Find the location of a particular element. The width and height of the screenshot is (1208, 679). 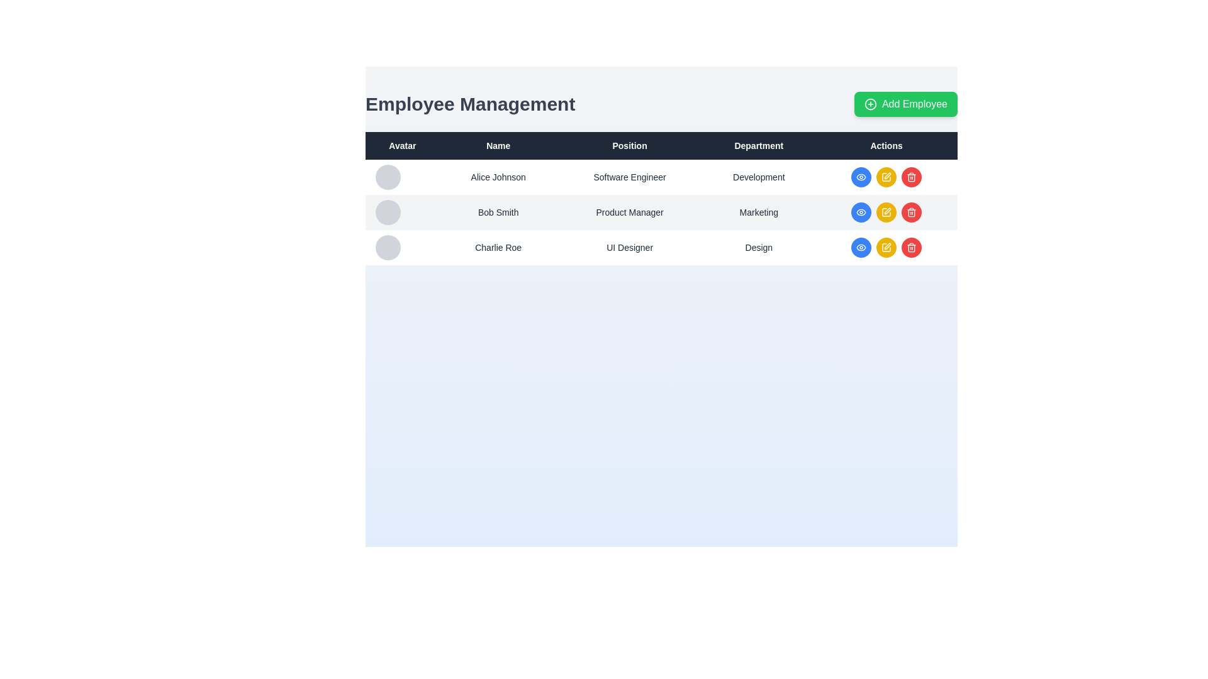

the yellow circular button with a white pen icon in the 'Actions' column of the first row in the 'Employee Management' table is located at coordinates (886, 177).